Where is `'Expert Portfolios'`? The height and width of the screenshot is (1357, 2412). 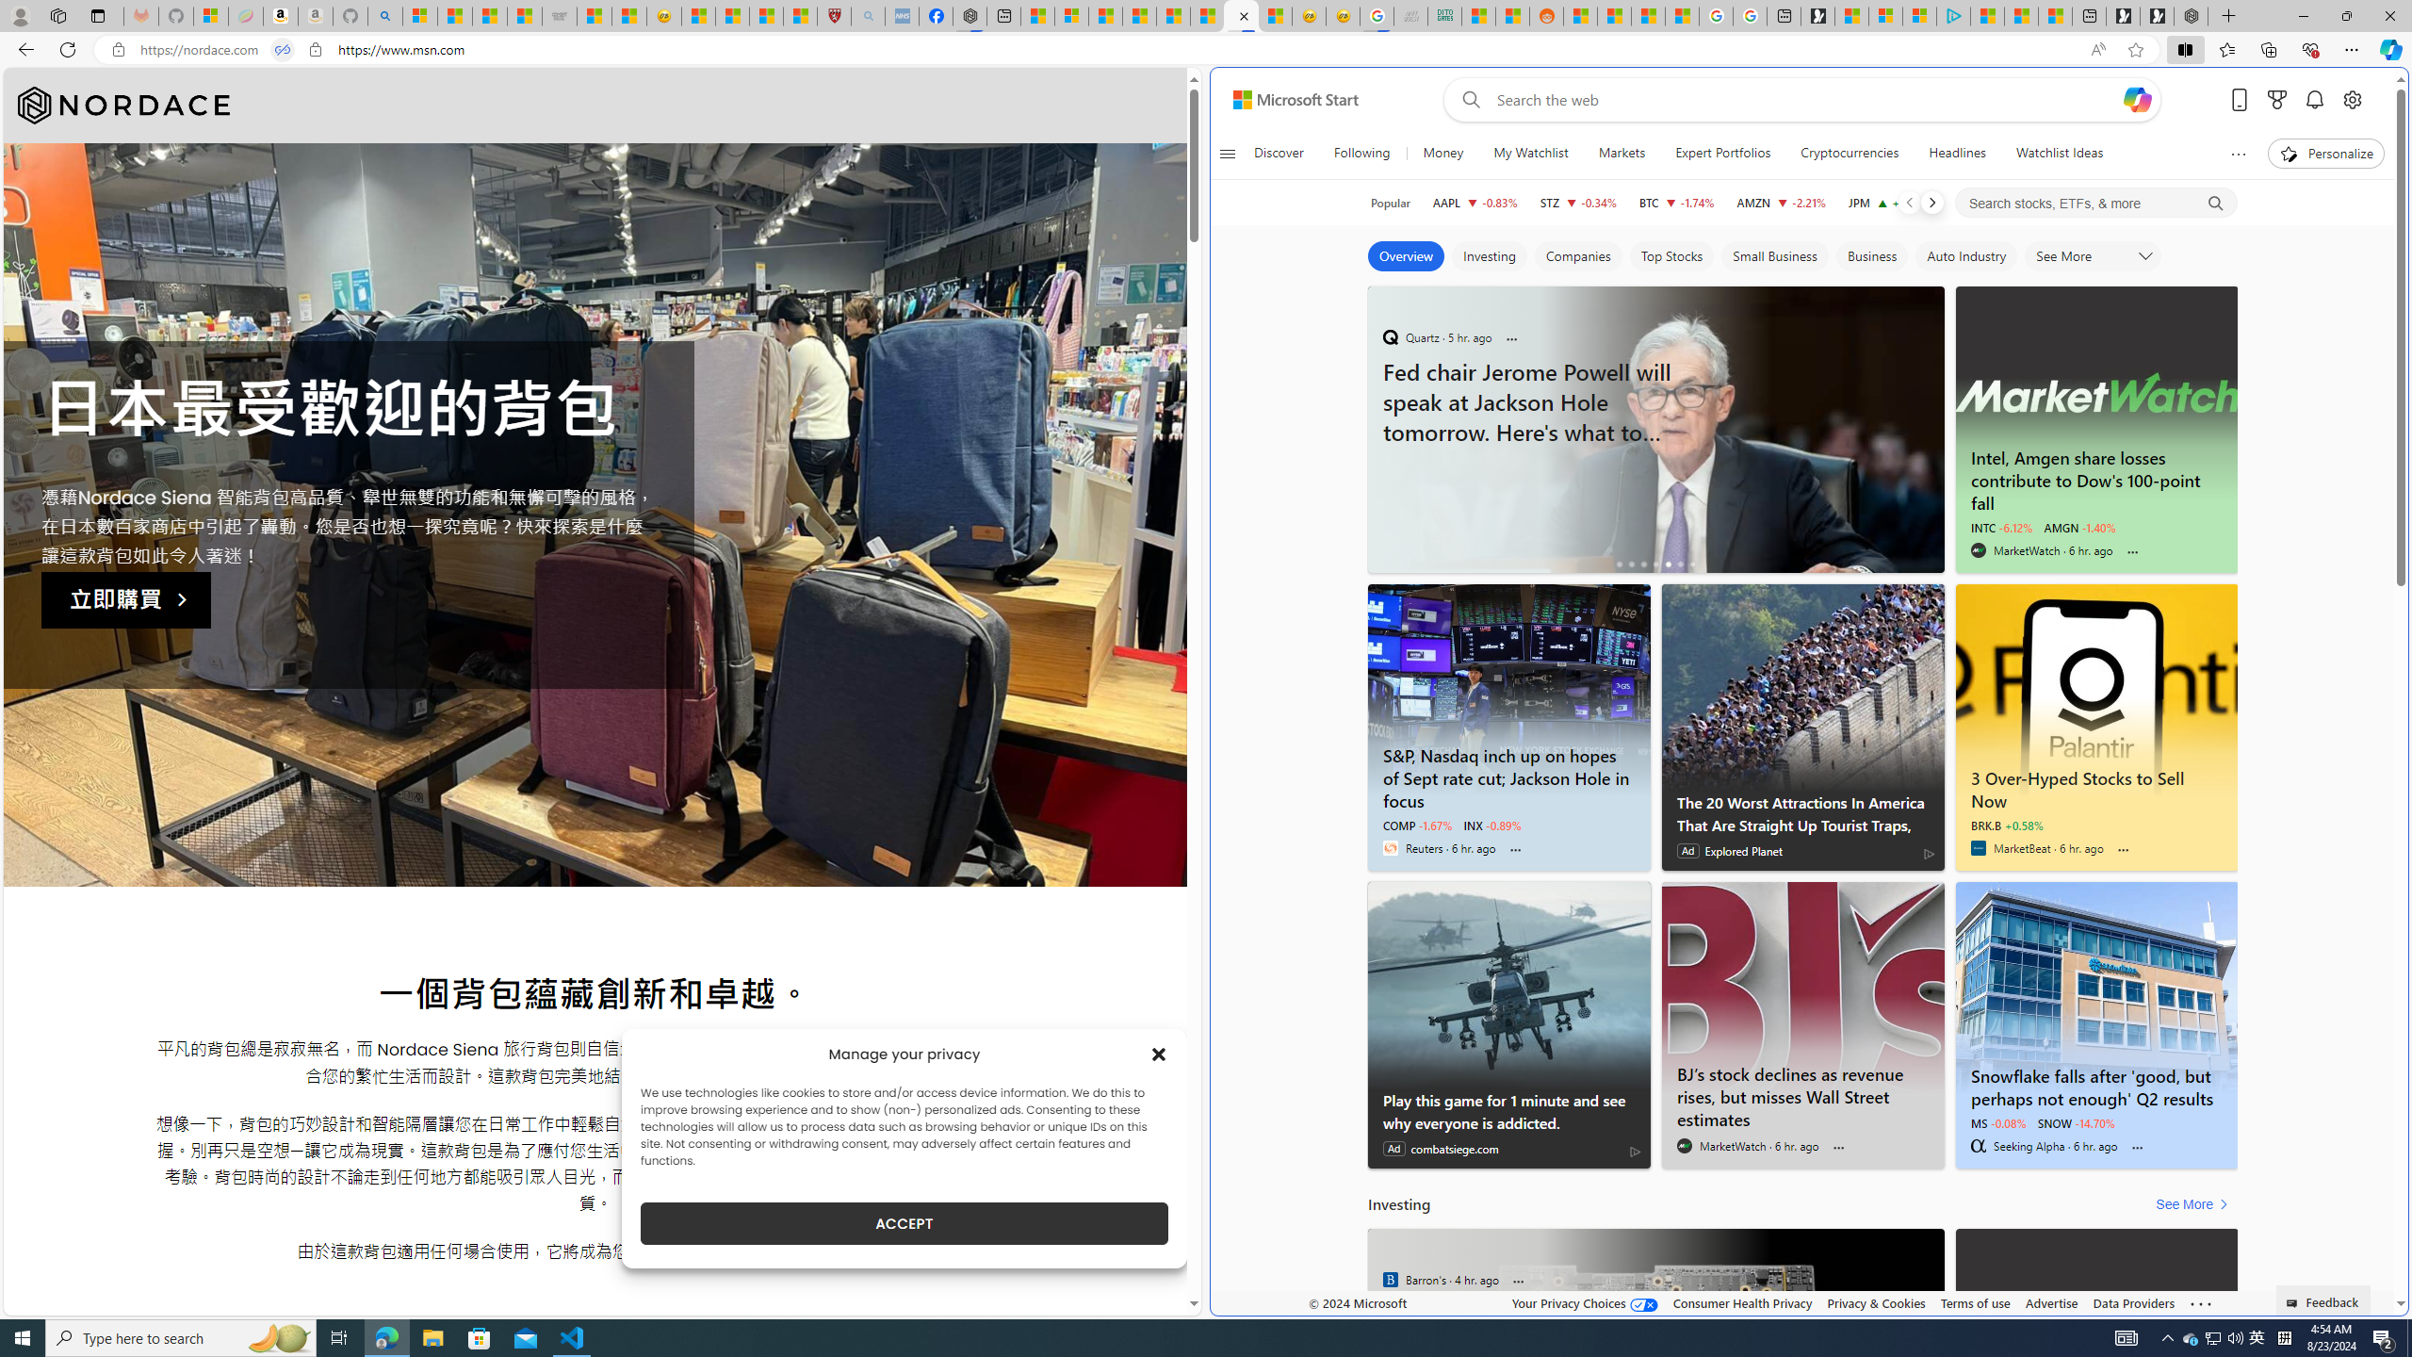 'Expert Portfolios' is located at coordinates (1723, 153).